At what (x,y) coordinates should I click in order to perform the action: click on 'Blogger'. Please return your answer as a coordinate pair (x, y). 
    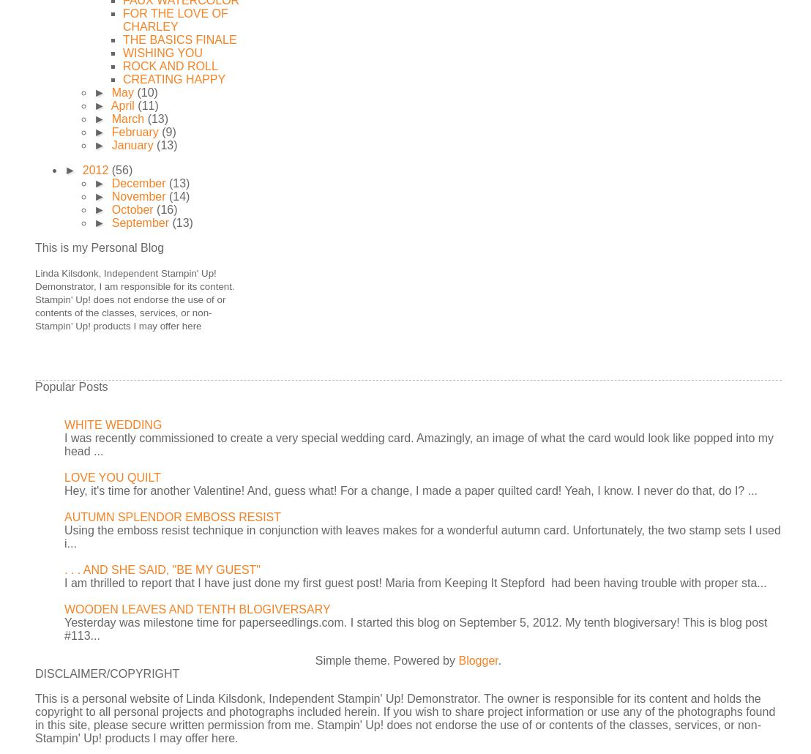
    Looking at the image, I should click on (478, 660).